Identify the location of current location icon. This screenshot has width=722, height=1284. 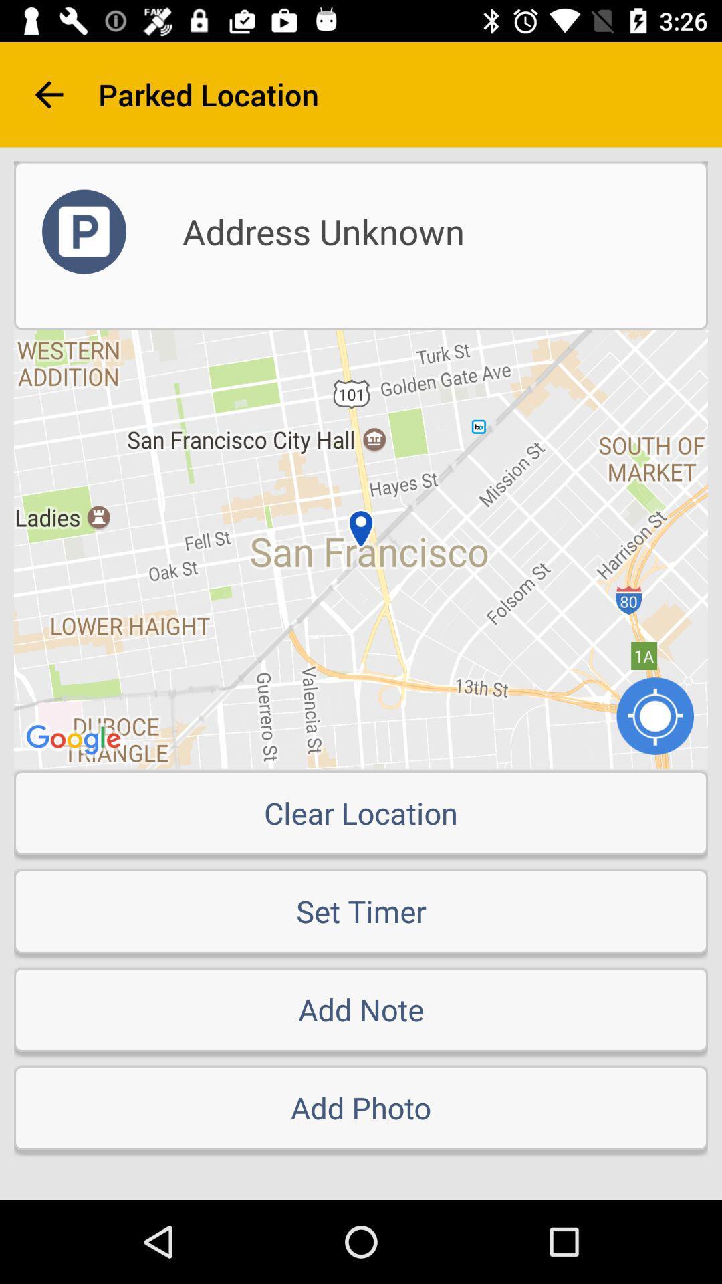
(654, 715).